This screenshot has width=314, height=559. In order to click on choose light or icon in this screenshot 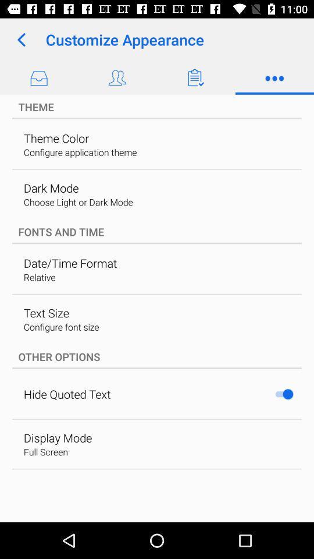, I will do `click(78, 202)`.